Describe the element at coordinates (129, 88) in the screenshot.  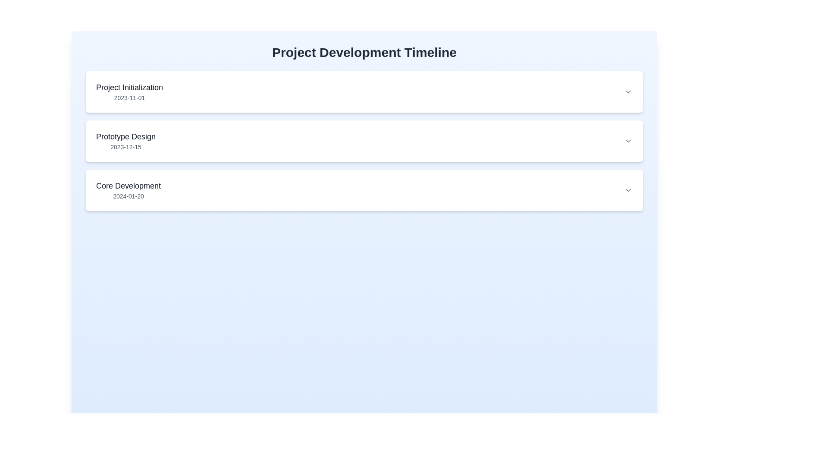
I see `the top text label inside the first white rectangular card in the 'Project Development Timeline' section, which indicates the title of a section or milestone` at that location.